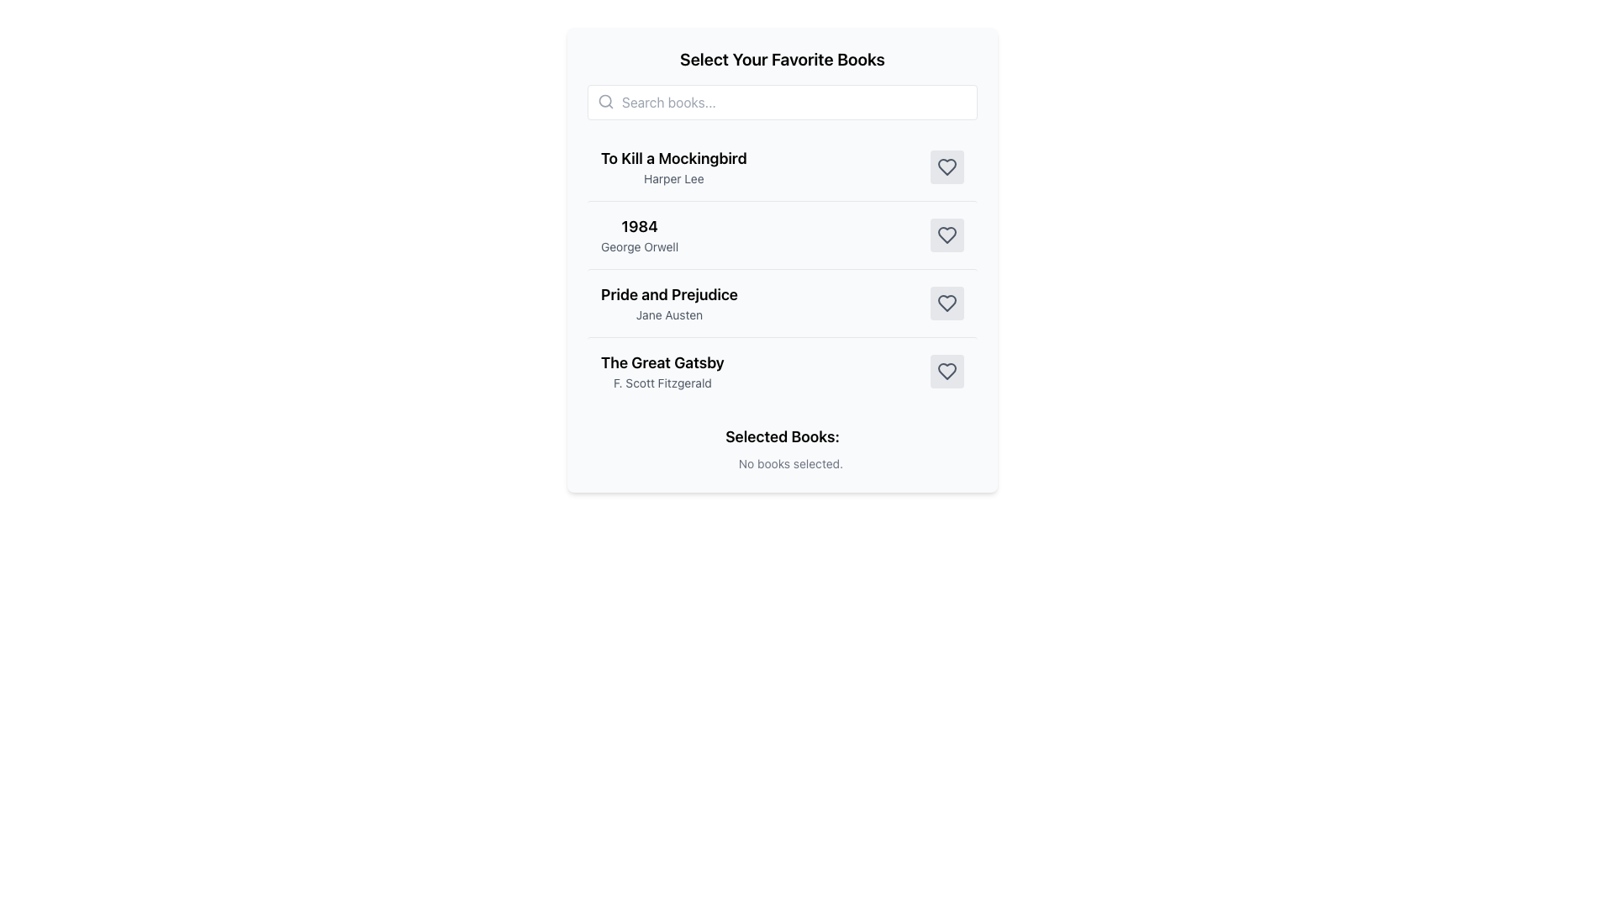 Image resolution: width=1614 pixels, height=908 pixels. I want to click on the attribution label indicating the author of the book 'Pride and Prejudice', positioned directly underneath the book title, so click(668, 314).